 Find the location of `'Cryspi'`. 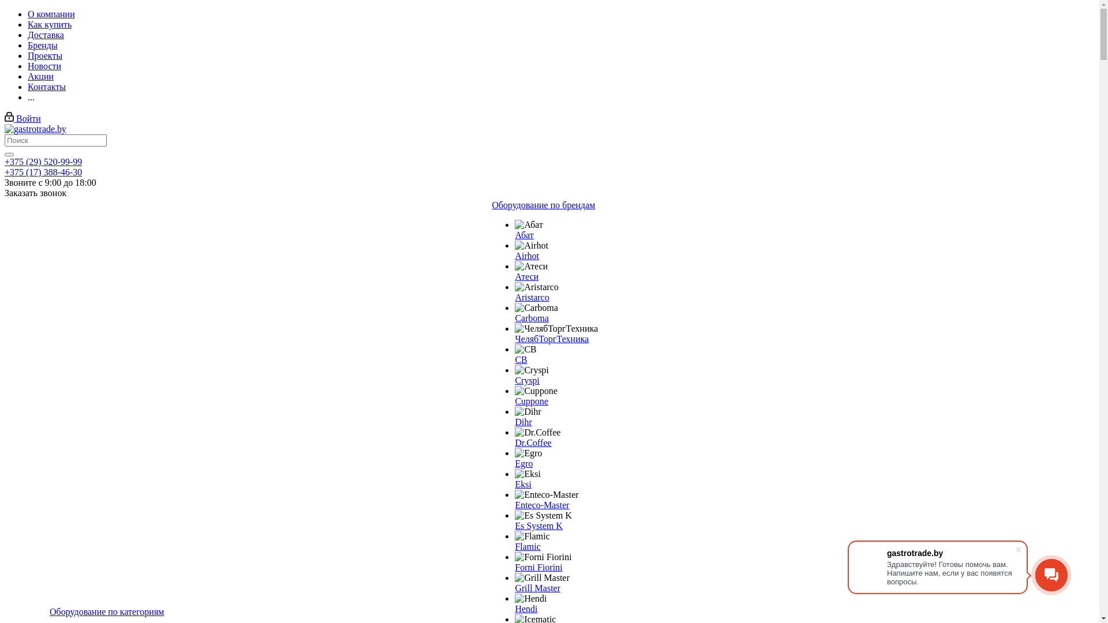

'Cryspi' is located at coordinates (531, 370).